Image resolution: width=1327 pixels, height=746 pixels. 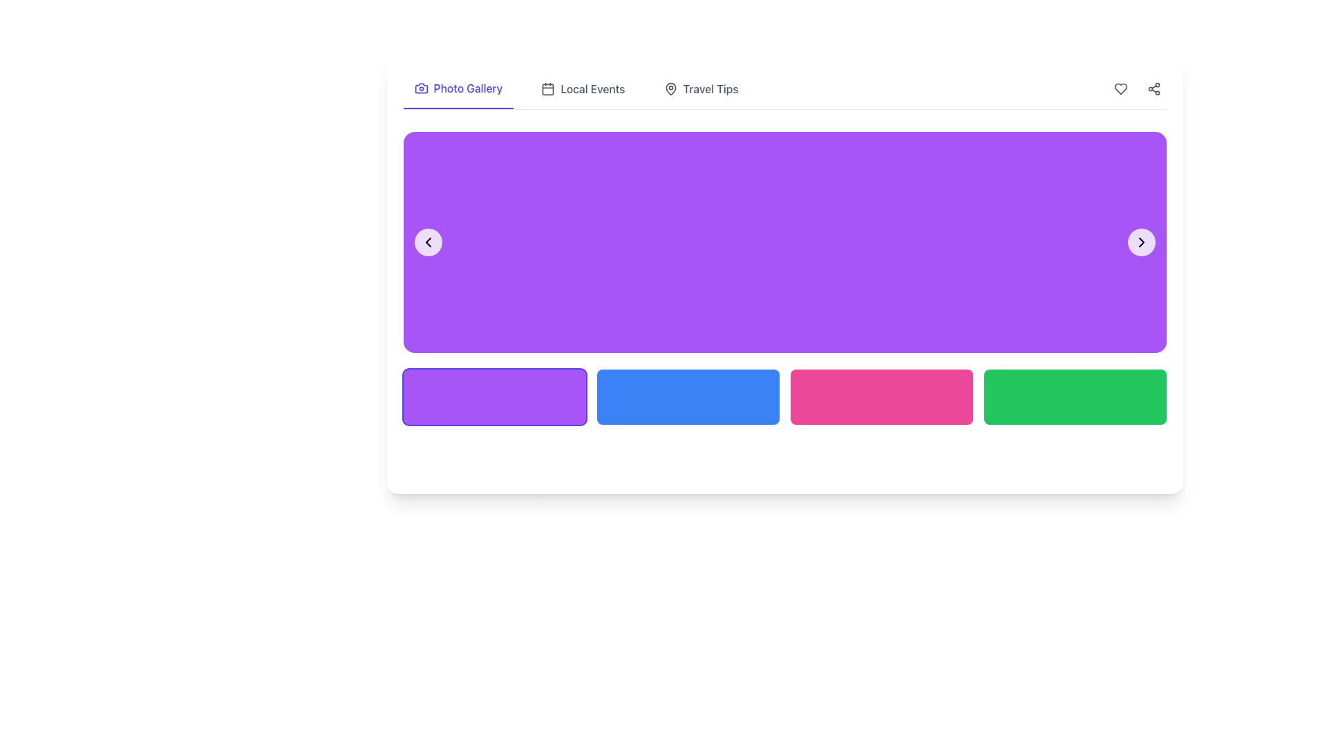 I want to click on the heart-shaped icon outline in the top-right corner of the interface, which is part of a circular button used for likes or favorites, so click(x=1120, y=88).